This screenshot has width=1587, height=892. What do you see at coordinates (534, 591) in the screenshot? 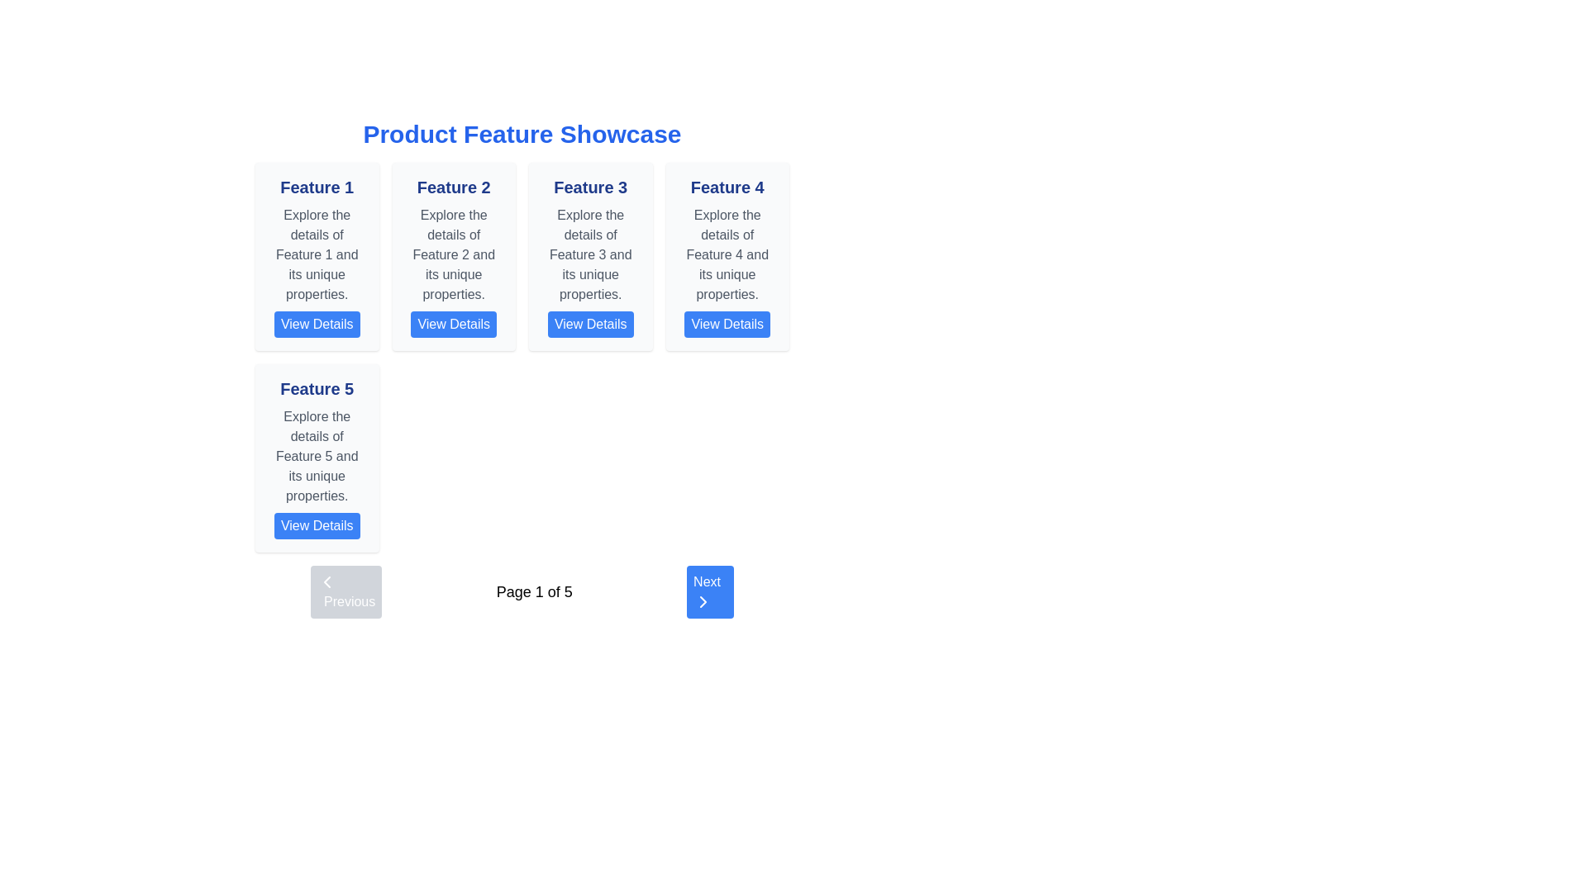
I see `the informational text element that displays the current page number in the pagination section, located between the 'Previous' and 'Next' buttons` at bounding box center [534, 591].